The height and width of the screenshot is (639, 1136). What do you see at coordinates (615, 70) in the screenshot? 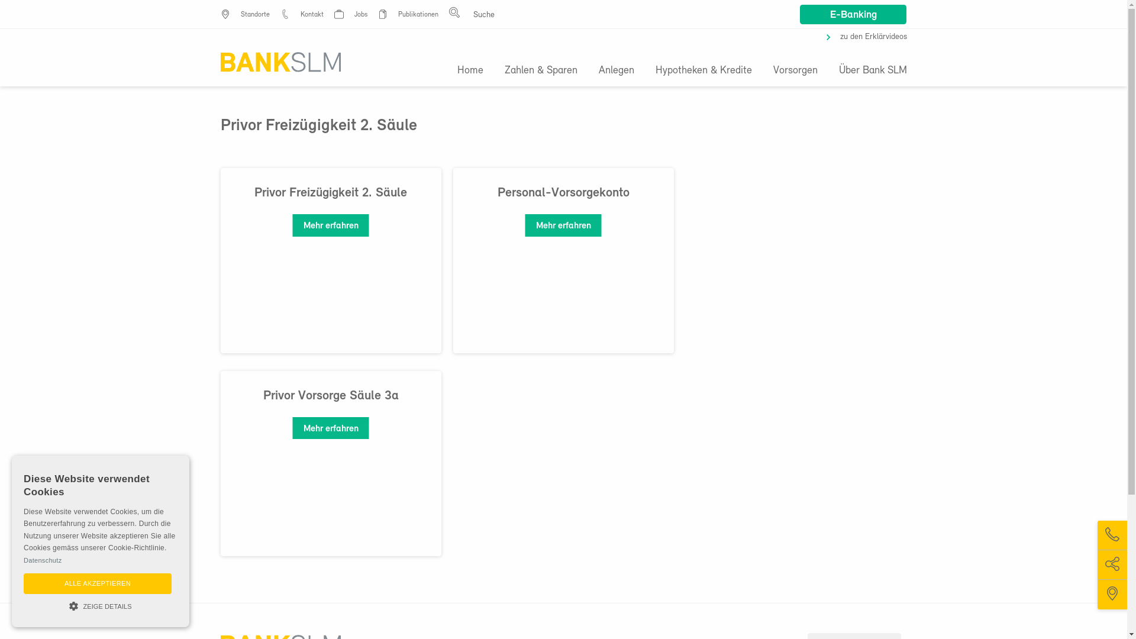
I see `'Anlegen'` at bounding box center [615, 70].